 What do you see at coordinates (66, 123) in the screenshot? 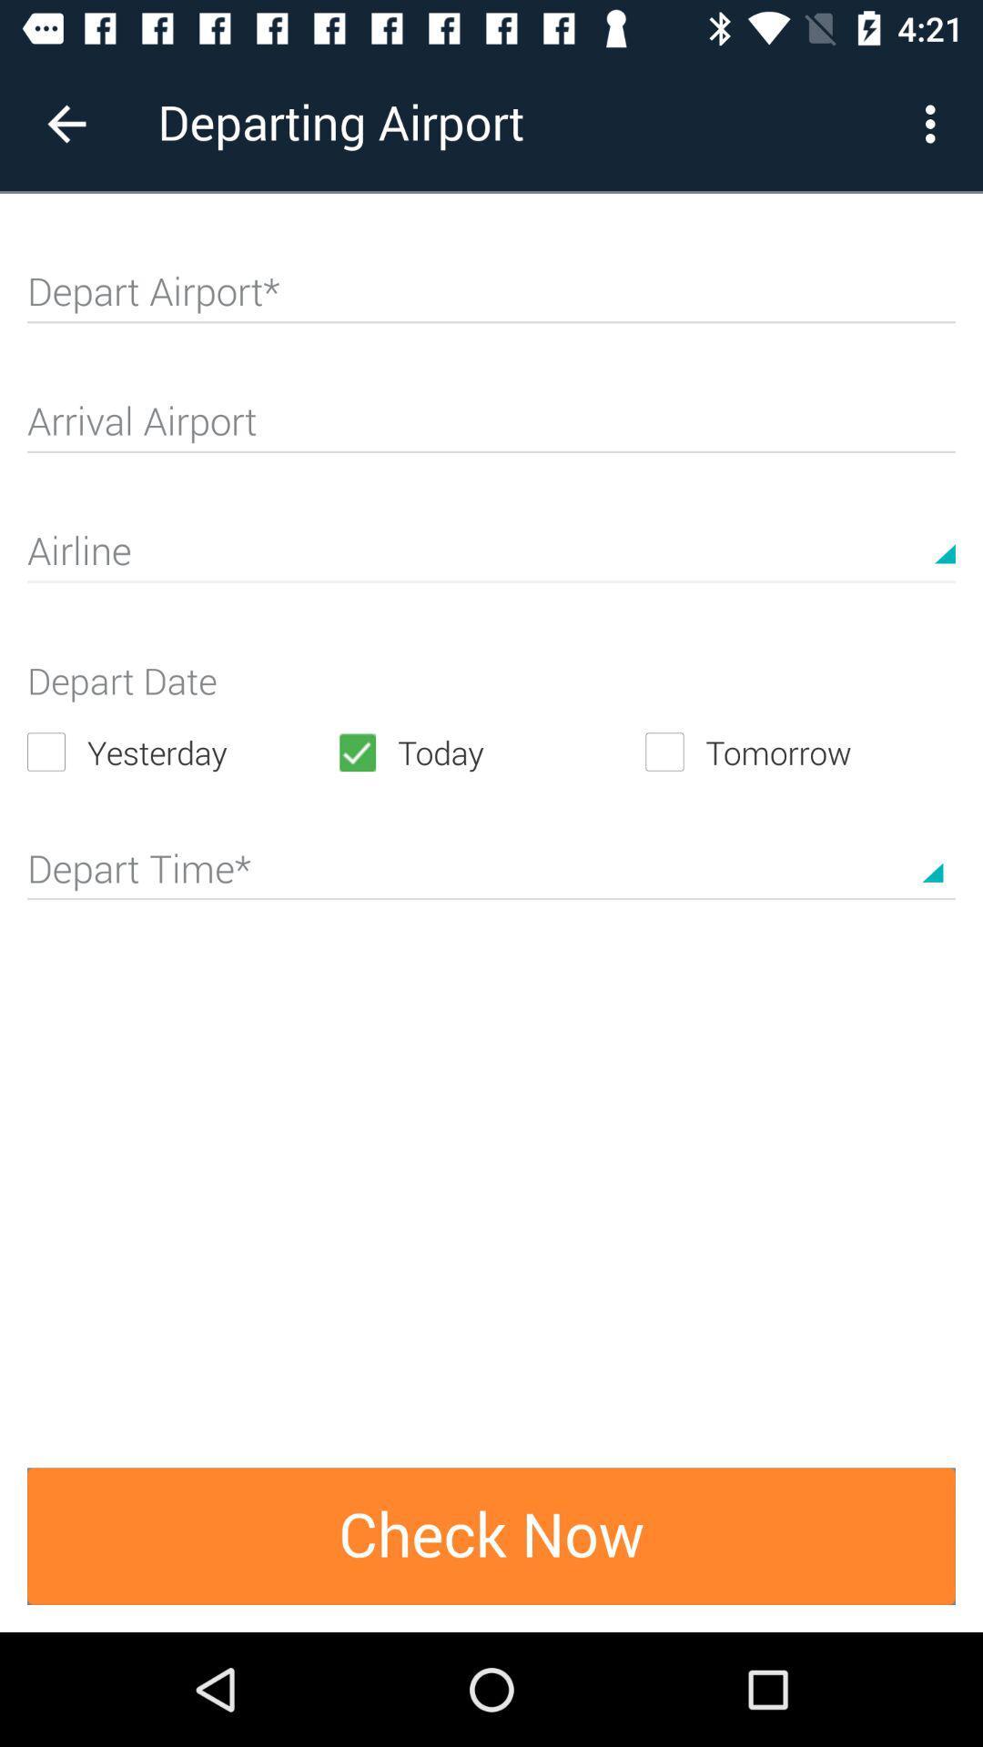
I see `the item to the left of the departing airport item` at bounding box center [66, 123].